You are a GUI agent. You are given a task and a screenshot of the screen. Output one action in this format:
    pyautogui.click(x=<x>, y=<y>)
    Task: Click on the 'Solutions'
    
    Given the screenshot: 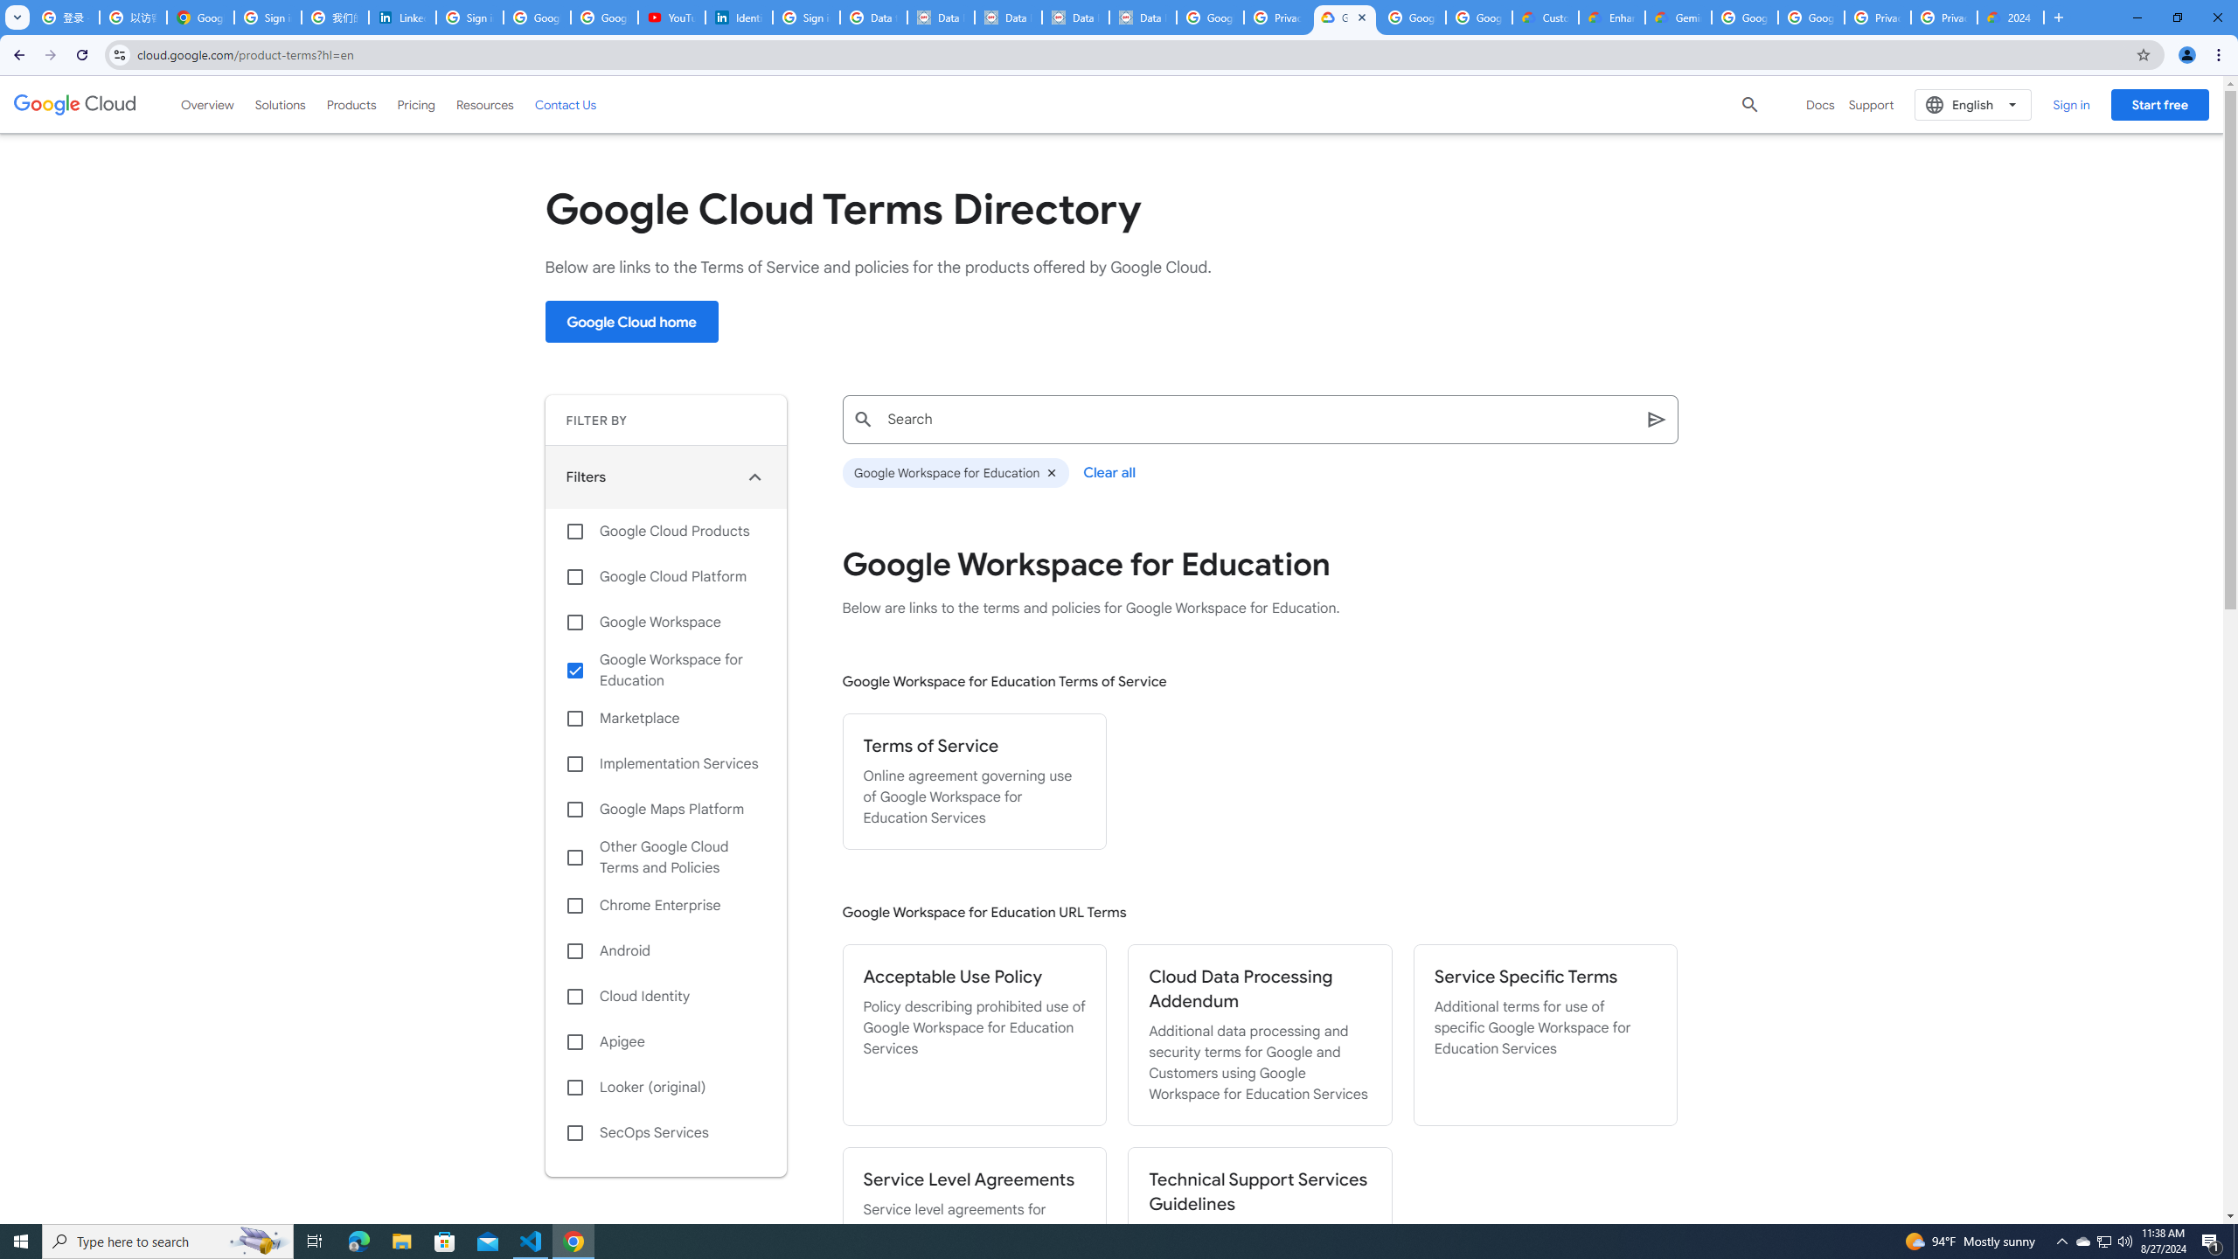 What is the action you would take?
    pyautogui.click(x=279, y=103)
    